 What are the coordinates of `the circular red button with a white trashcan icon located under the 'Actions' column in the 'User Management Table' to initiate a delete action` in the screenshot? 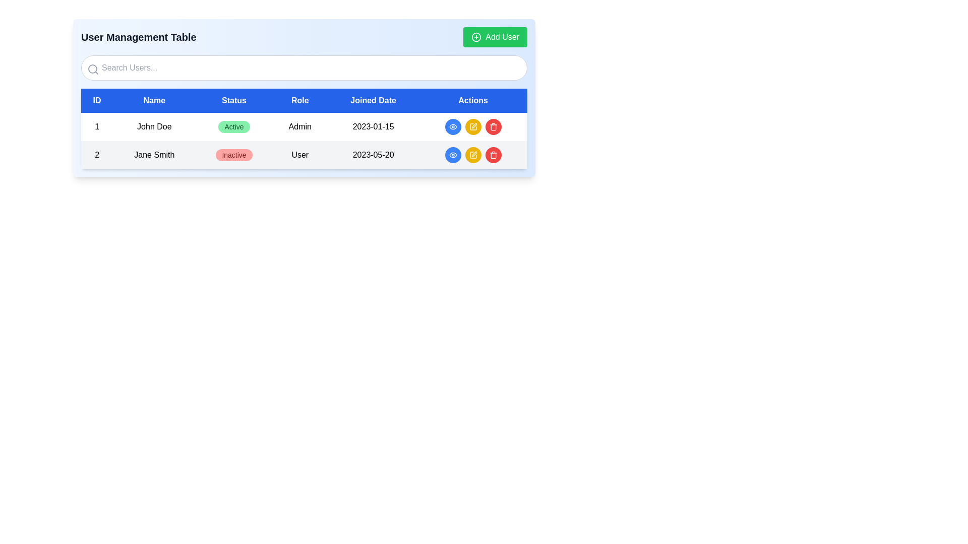 It's located at (493, 126).